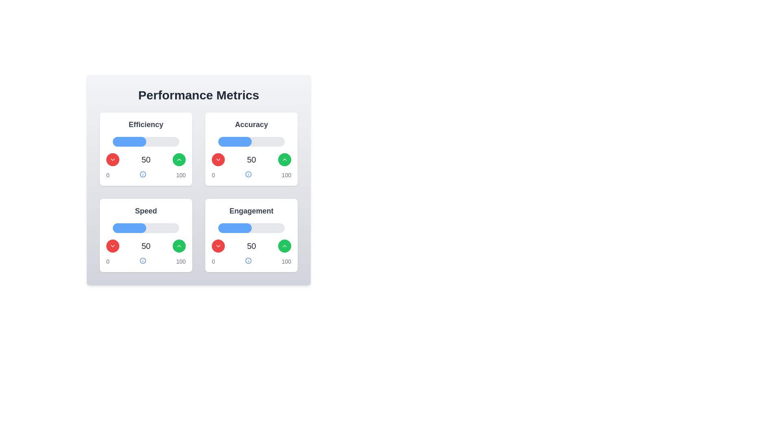  Describe the element at coordinates (251, 246) in the screenshot. I see `the Text element displaying the numeric value '50' under the 'Engagement' card in the bottom-right of the 2x2 grid layout, located between a red circular button and a green circular button` at that location.